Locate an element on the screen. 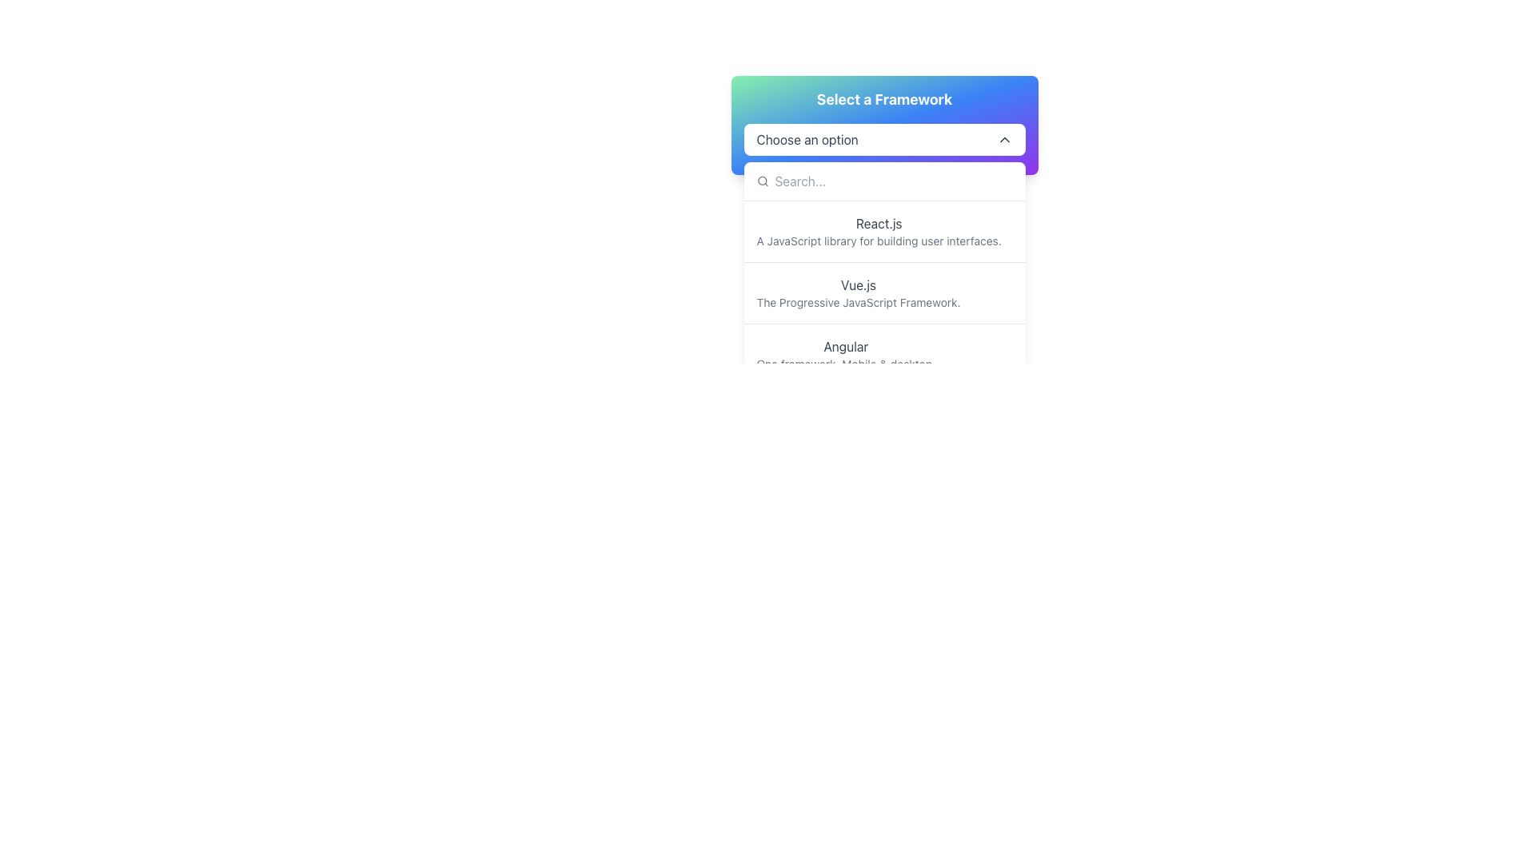  the Dropdown trigger located near the top-center of the 'Select a Framework' section is located at coordinates (883, 138).